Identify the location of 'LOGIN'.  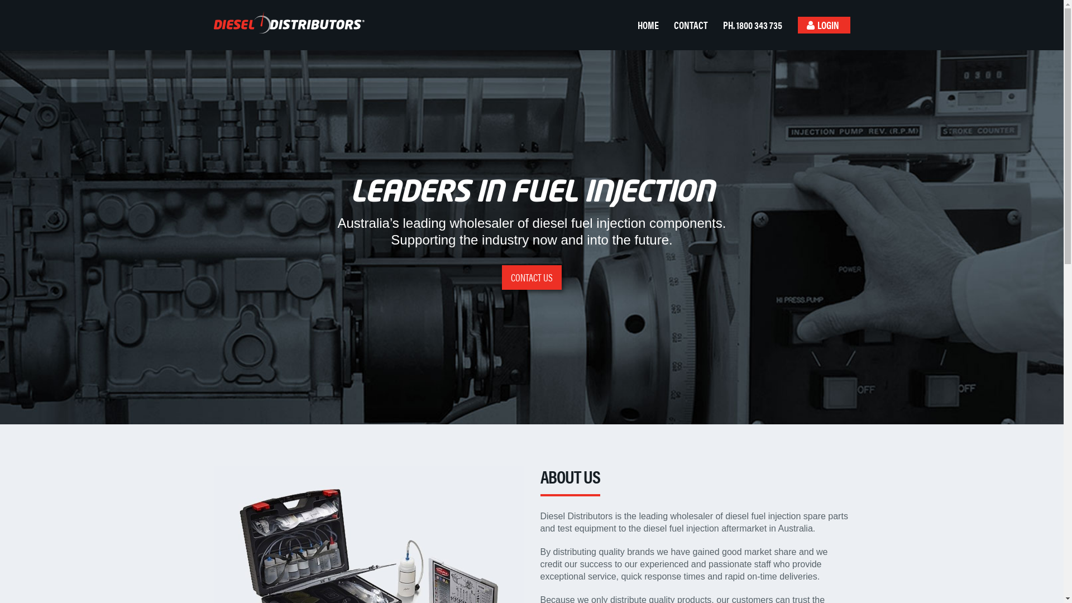
(823, 25).